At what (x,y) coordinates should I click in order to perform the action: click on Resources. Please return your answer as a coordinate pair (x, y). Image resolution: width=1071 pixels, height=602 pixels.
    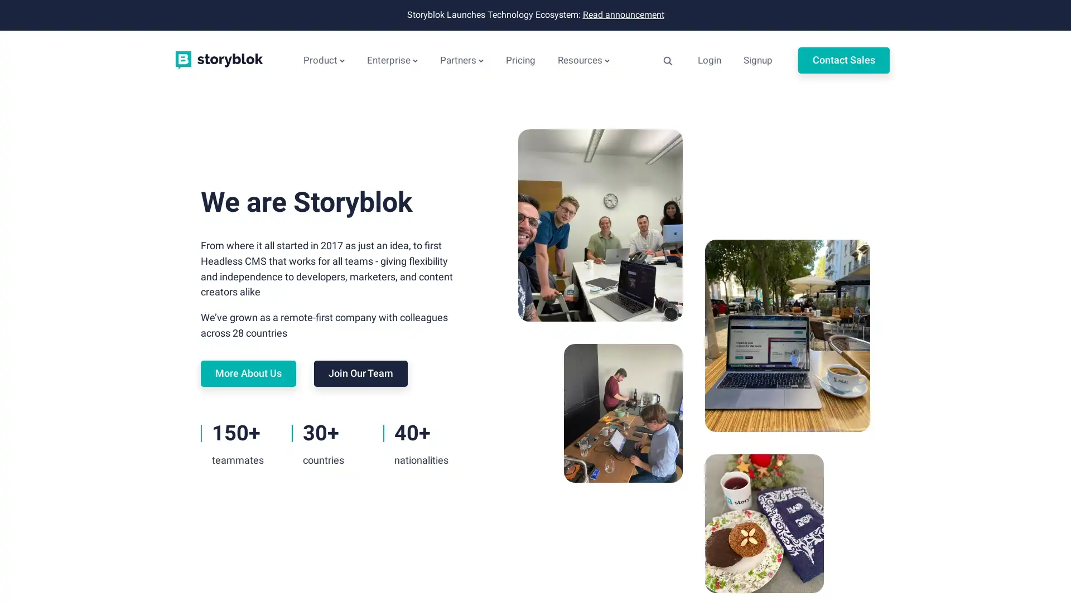
    Looking at the image, I should click on (583, 60).